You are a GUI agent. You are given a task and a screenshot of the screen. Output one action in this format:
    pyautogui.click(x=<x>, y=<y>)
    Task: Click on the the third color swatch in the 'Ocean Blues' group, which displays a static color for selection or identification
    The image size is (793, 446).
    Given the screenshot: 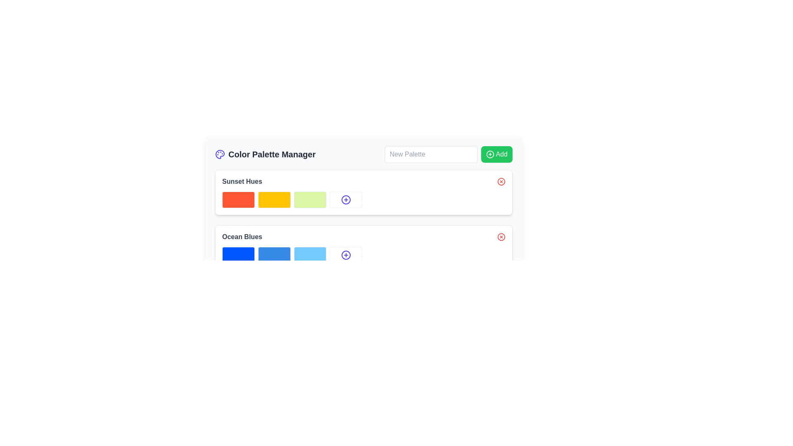 What is the action you would take?
    pyautogui.click(x=309, y=254)
    